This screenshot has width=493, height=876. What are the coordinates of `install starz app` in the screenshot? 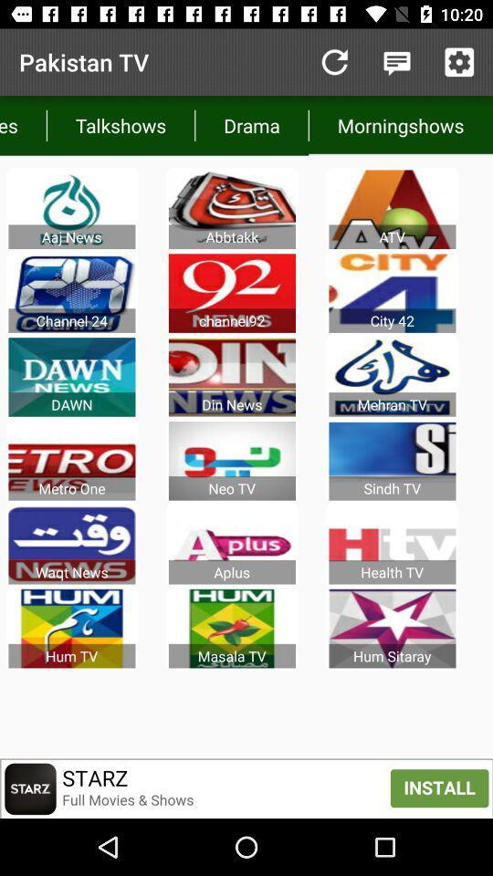 It's located at (246, 787).